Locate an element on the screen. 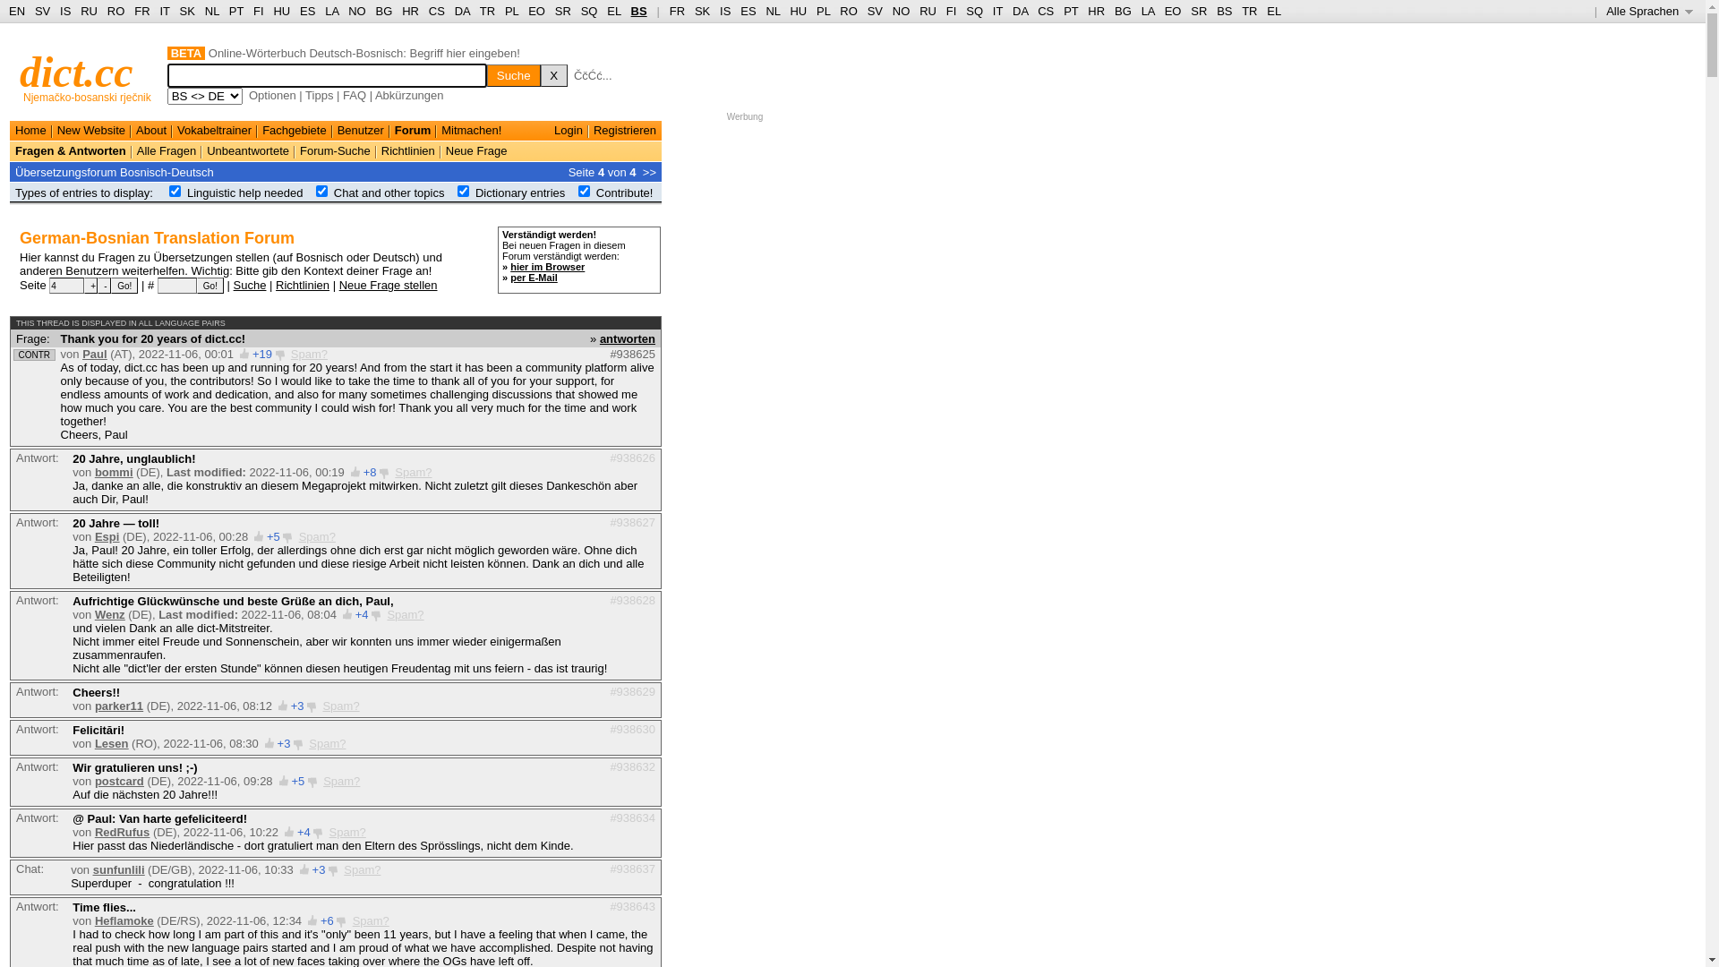 This screenshot has height=967, width=1719. 'Forum' is located at coordinates (411, 129).